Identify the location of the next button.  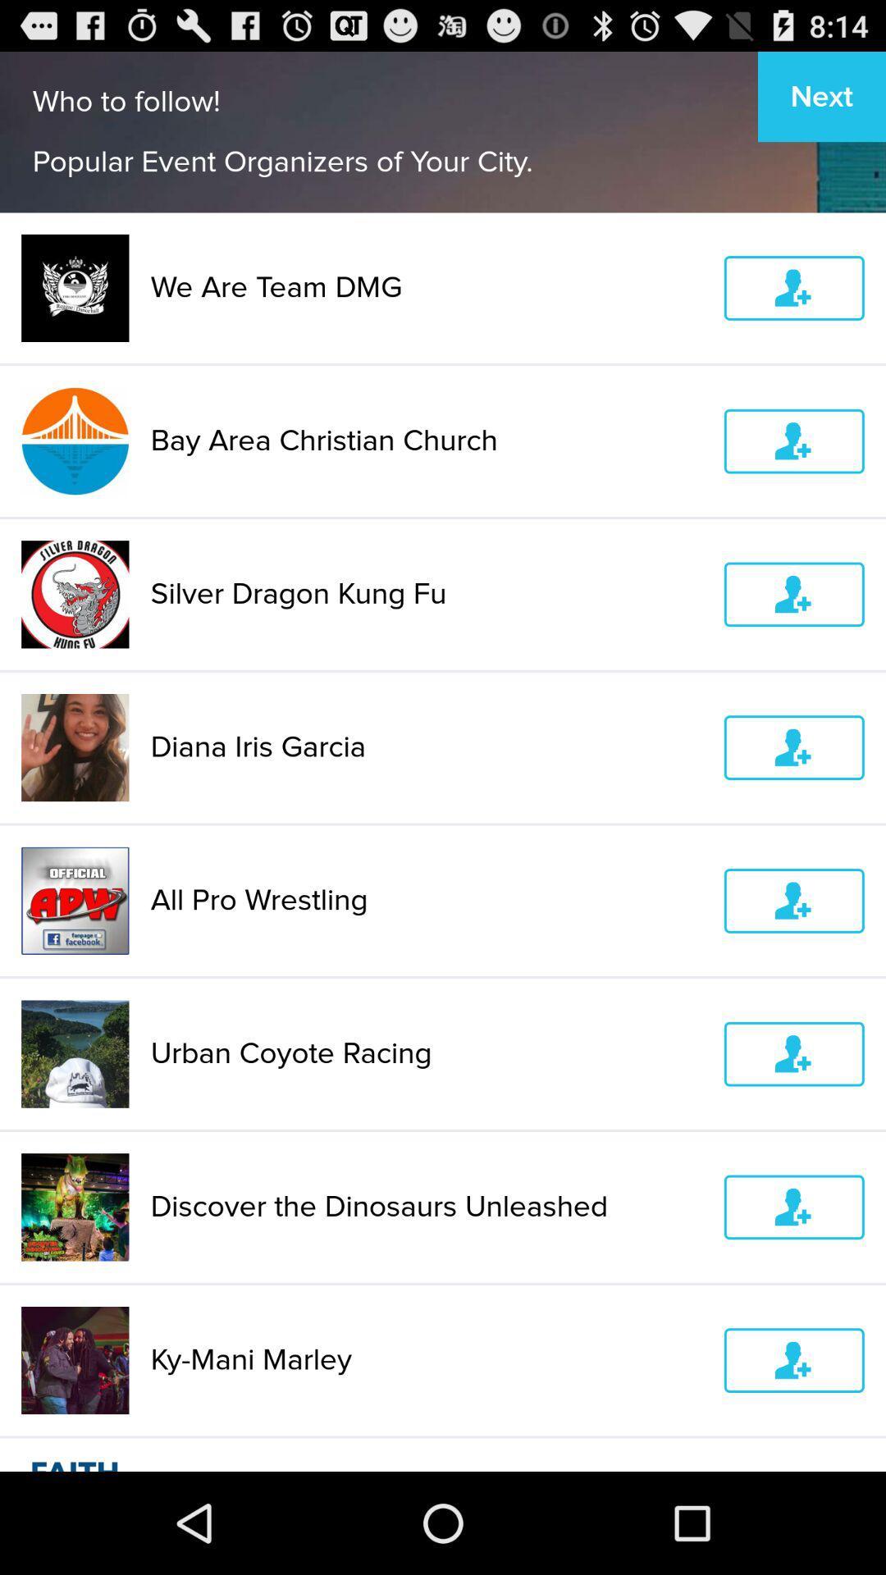
(822, 96).